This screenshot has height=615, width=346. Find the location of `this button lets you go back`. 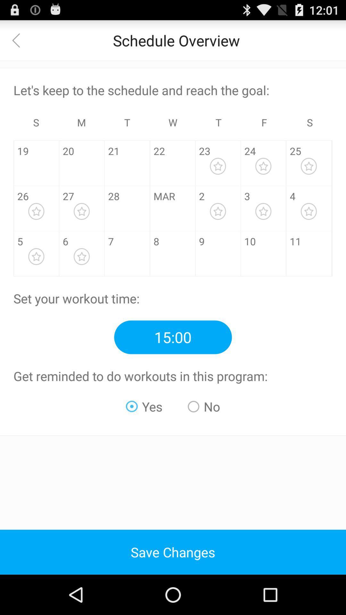

this button lets you go back is located at coordinates (20, 40).